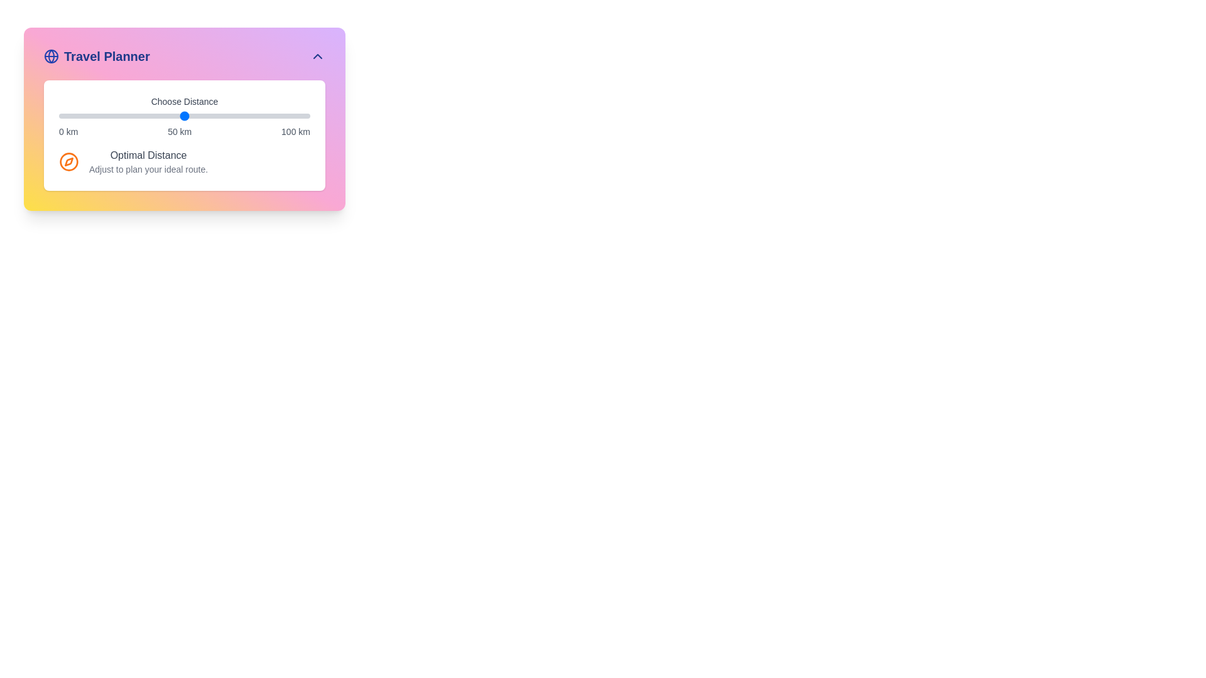 The width and height of the screenshot is (1206, 678). What do you see at coordinates (148, 169) in the screenshot?
I see `information from the text label that says 'Adjust to plan your ideal route.' positioned below the 'Optimal Distance' label` at bounding box center [148, 169].